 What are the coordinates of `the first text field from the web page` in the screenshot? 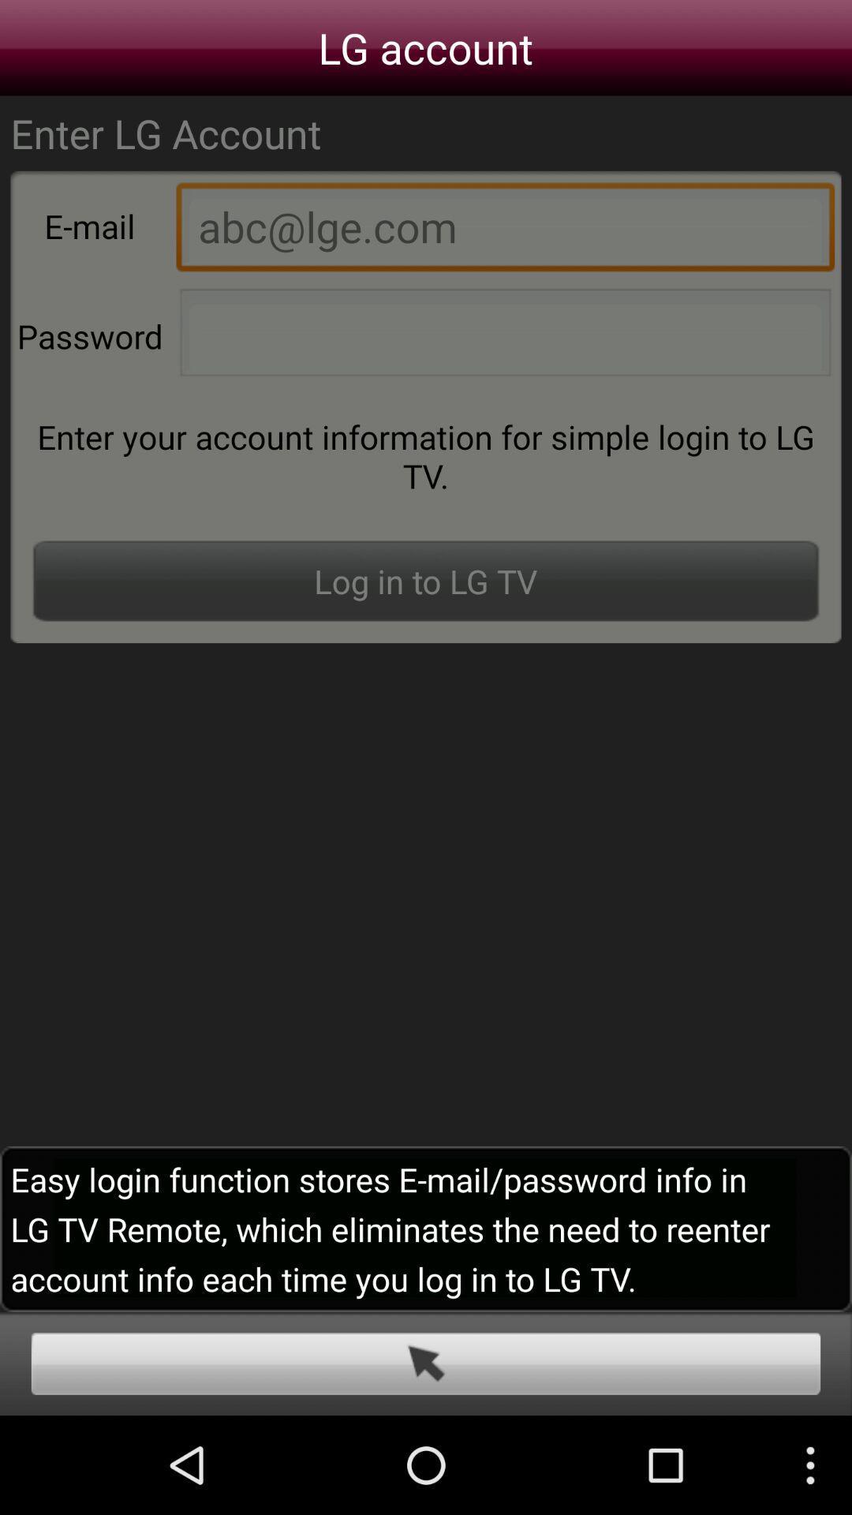 It's located at (505, 230).